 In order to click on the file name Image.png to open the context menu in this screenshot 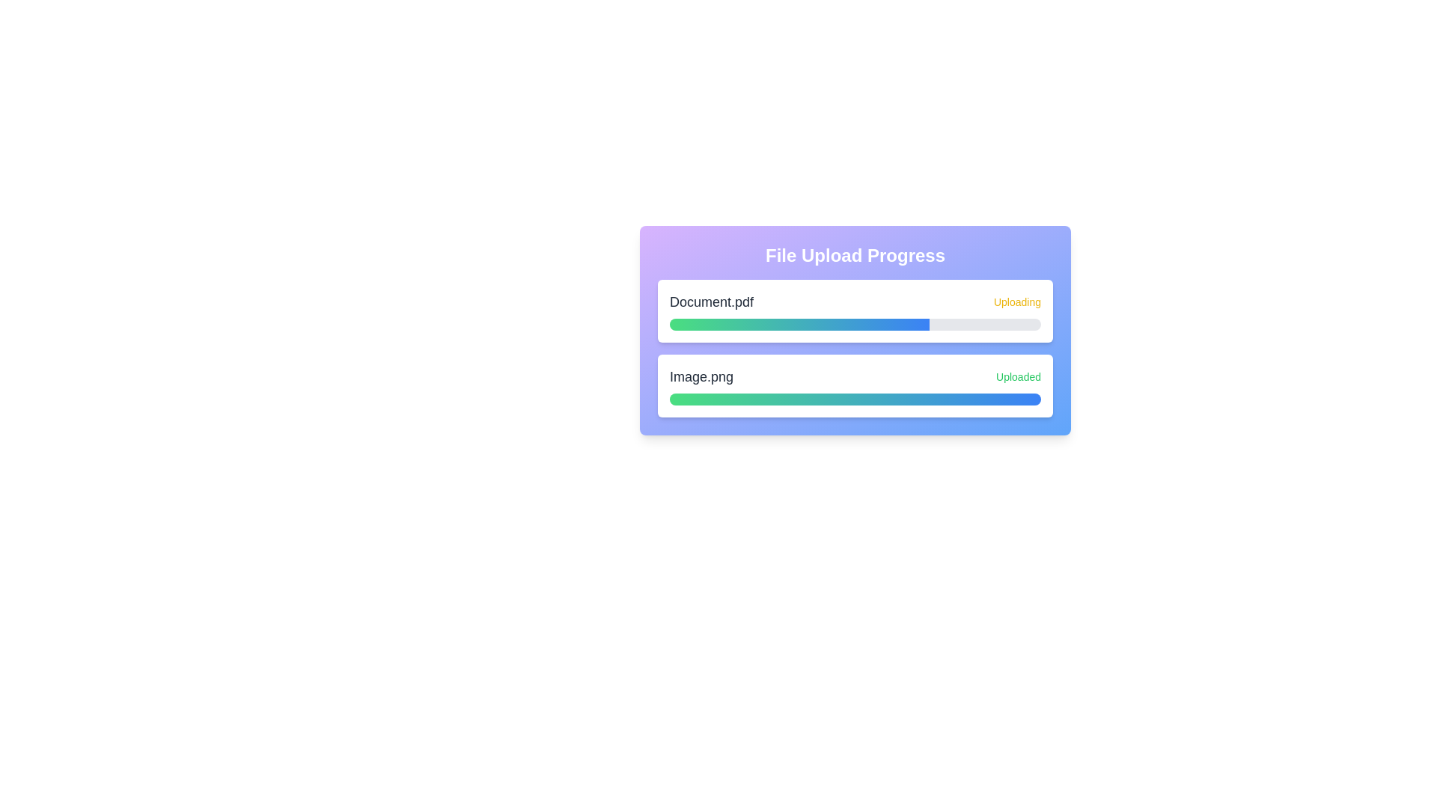, I will do `click(701, 376)`.